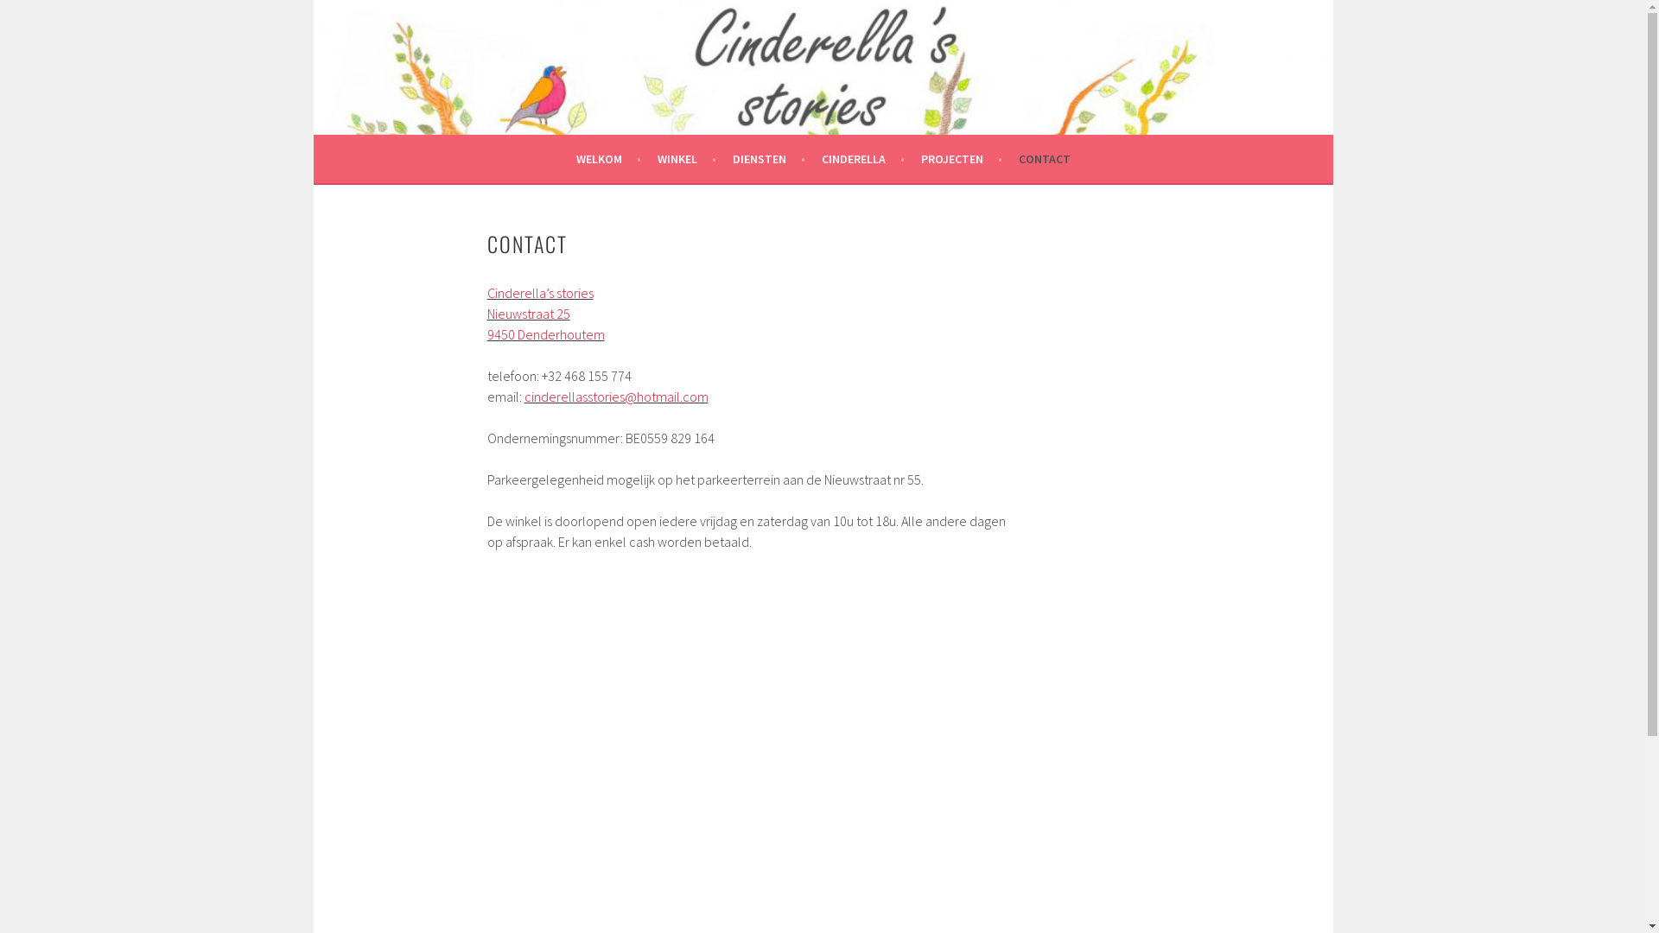 This screenshot has width=1659, height=933. I want to click on 'WELKOM', so click(607, 159).